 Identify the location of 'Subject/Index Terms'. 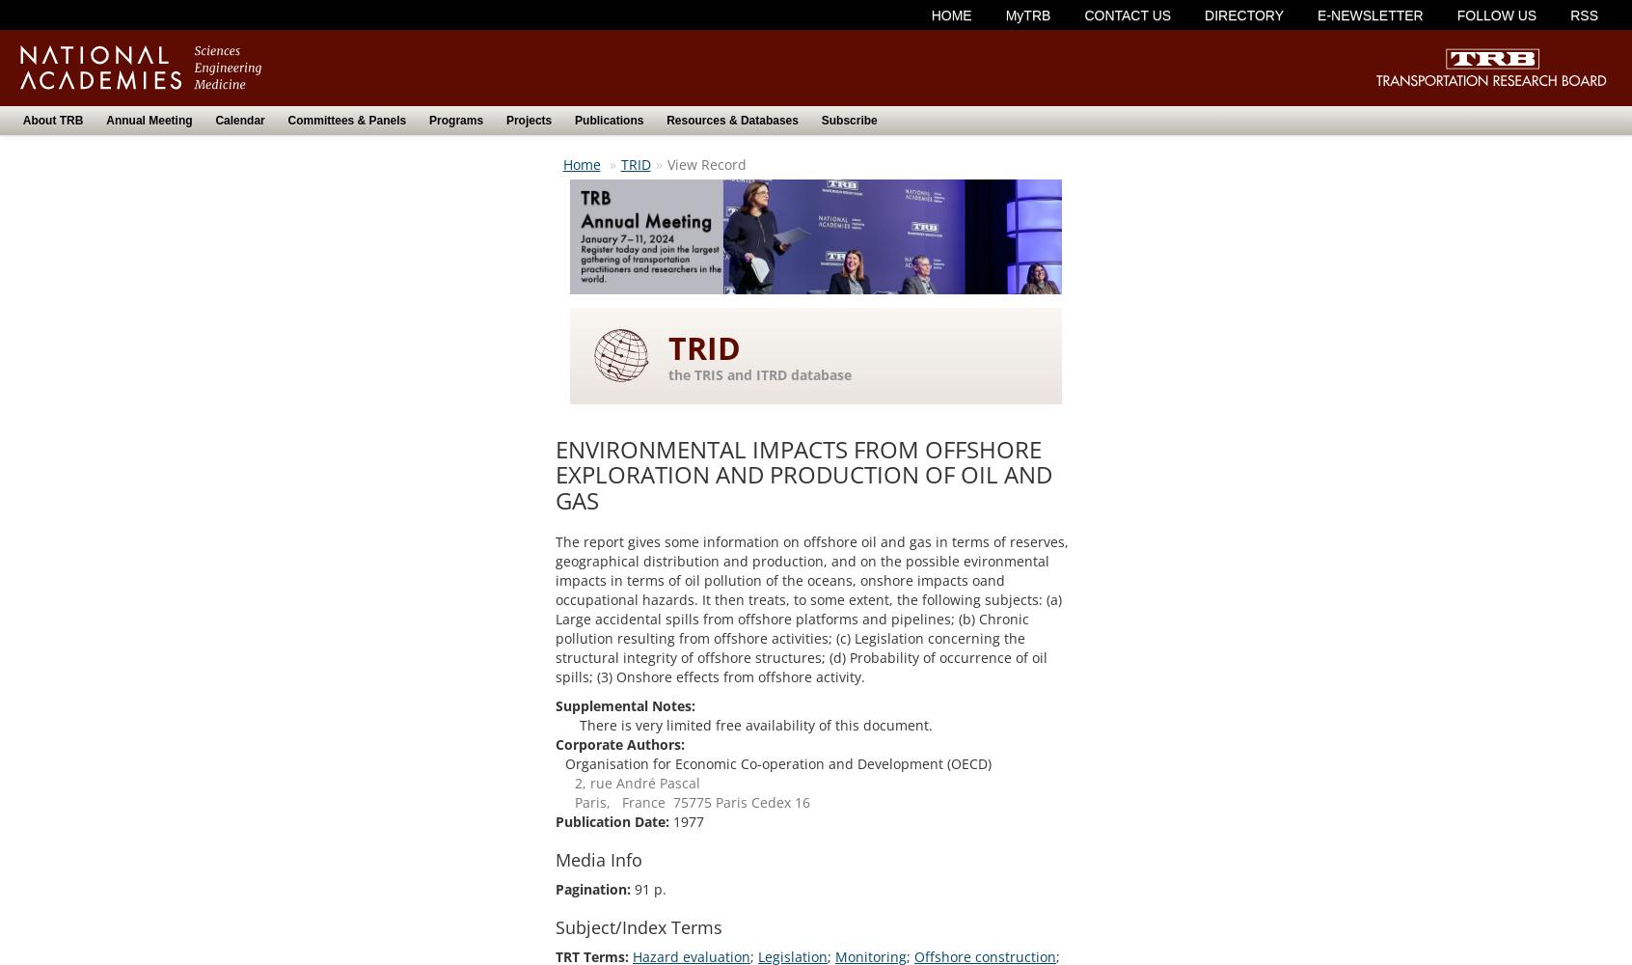
(554, 925).